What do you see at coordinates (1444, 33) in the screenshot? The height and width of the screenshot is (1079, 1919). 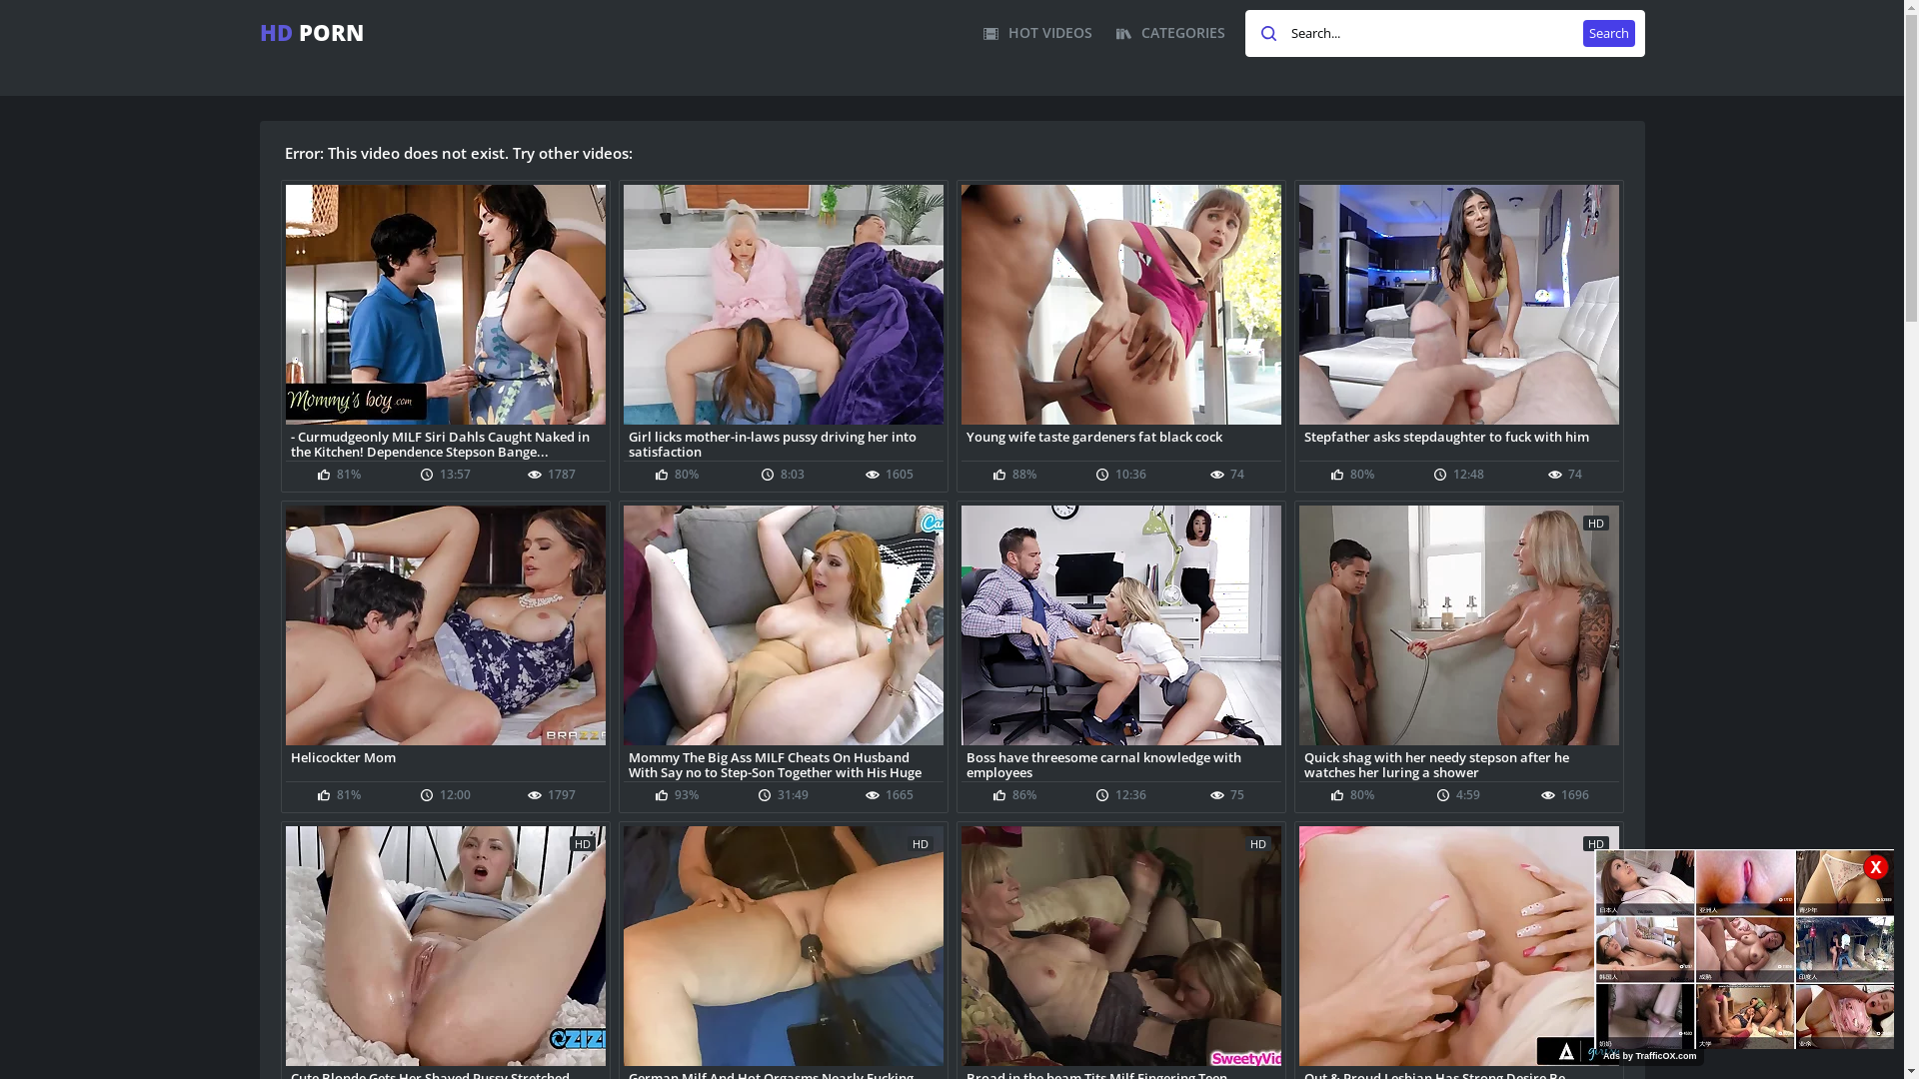 I see `'Search X Videos'` at bounding box center [1444, 33].